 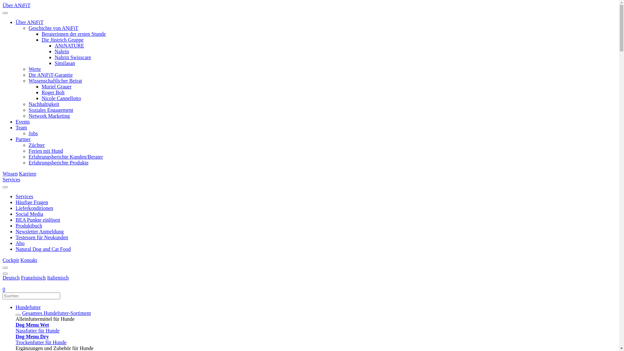 I want to click on 'Wissen', so click(x=10, y=173).